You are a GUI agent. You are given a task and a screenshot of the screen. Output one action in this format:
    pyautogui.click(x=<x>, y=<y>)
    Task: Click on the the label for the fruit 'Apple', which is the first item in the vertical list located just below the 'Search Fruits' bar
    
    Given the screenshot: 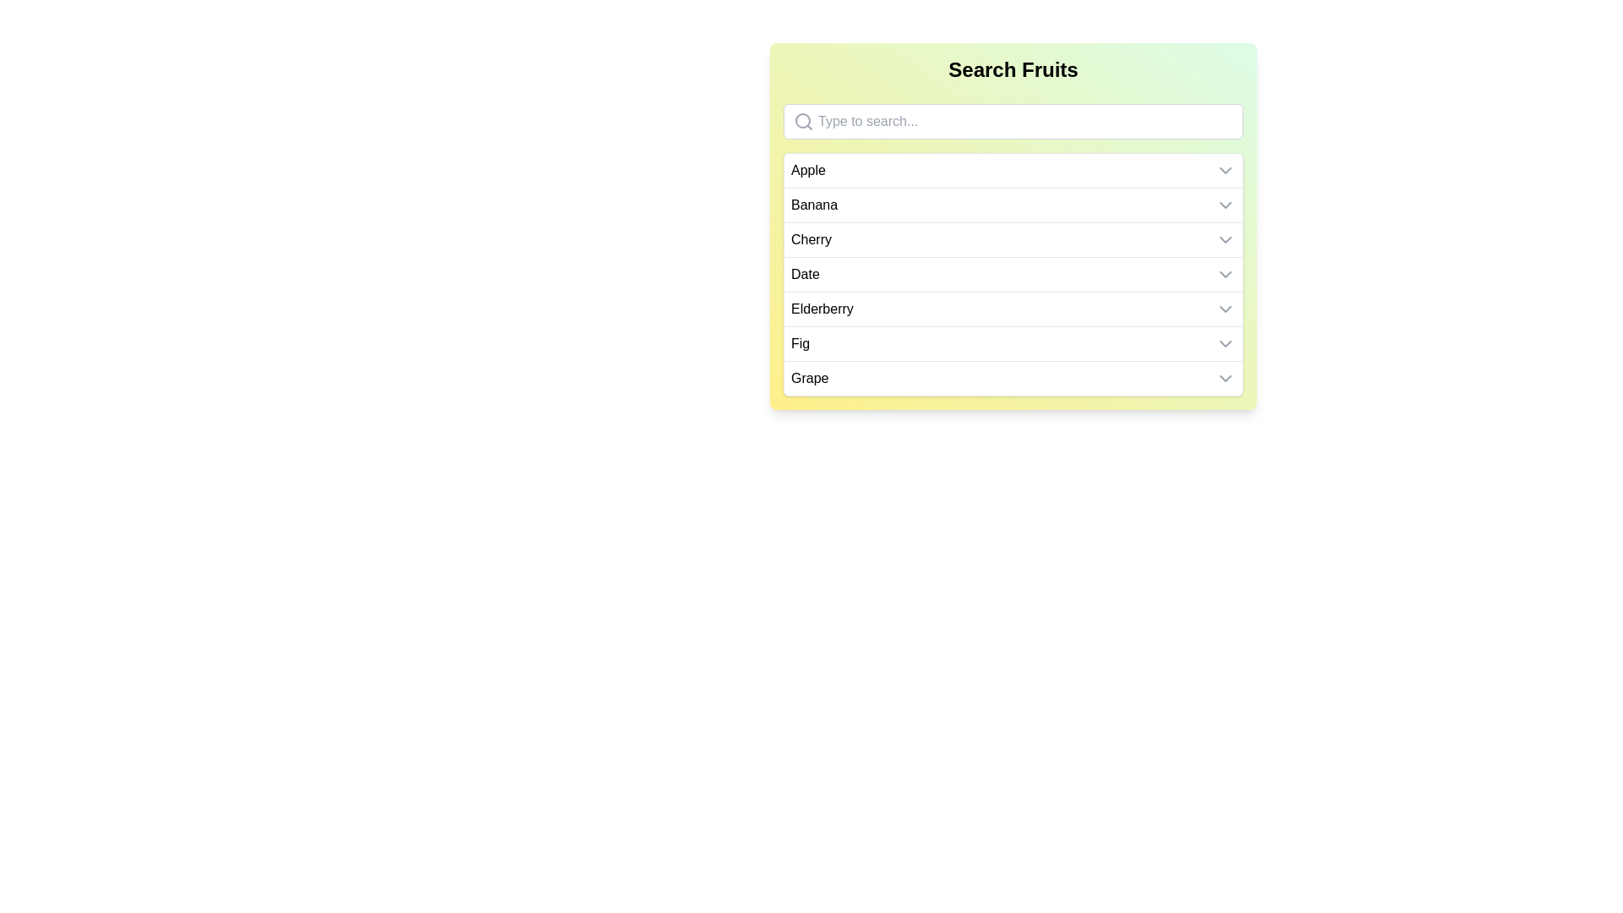 What is the action you would take?
    pyautogui.click(x=807, y=170)
    